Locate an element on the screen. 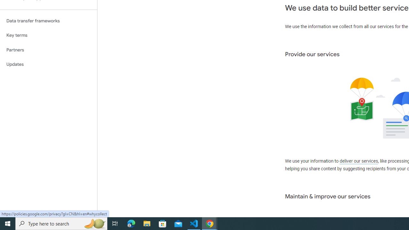 Image resolution: width=409 pixels, height=230 pixels. 'Data transfer frameworks' is located at coordinates (48, 20).